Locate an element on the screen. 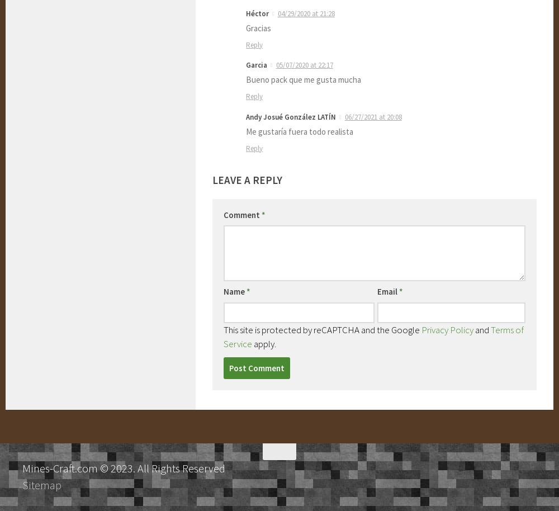 This screenshot has width=559, height=511. '04/29/2020 at 21:28' is located at coordinates (306, 13).